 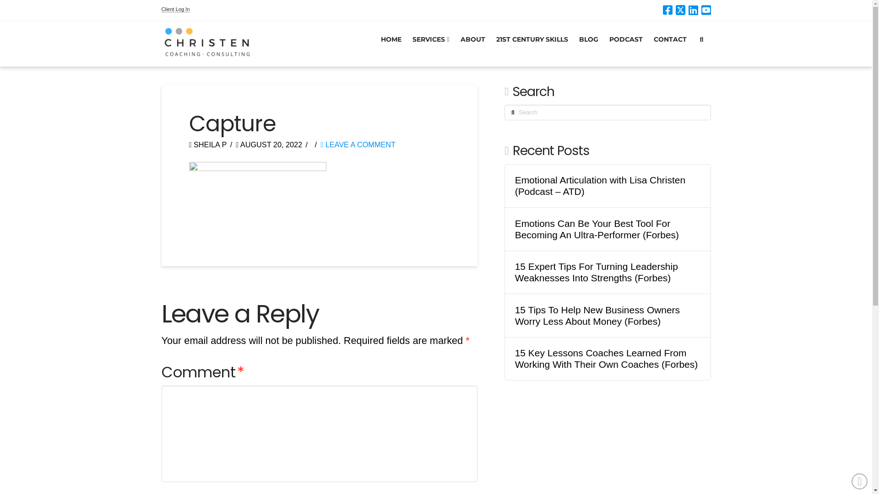 I want to click on 'LinkedIn', so click(x=693, y=10).